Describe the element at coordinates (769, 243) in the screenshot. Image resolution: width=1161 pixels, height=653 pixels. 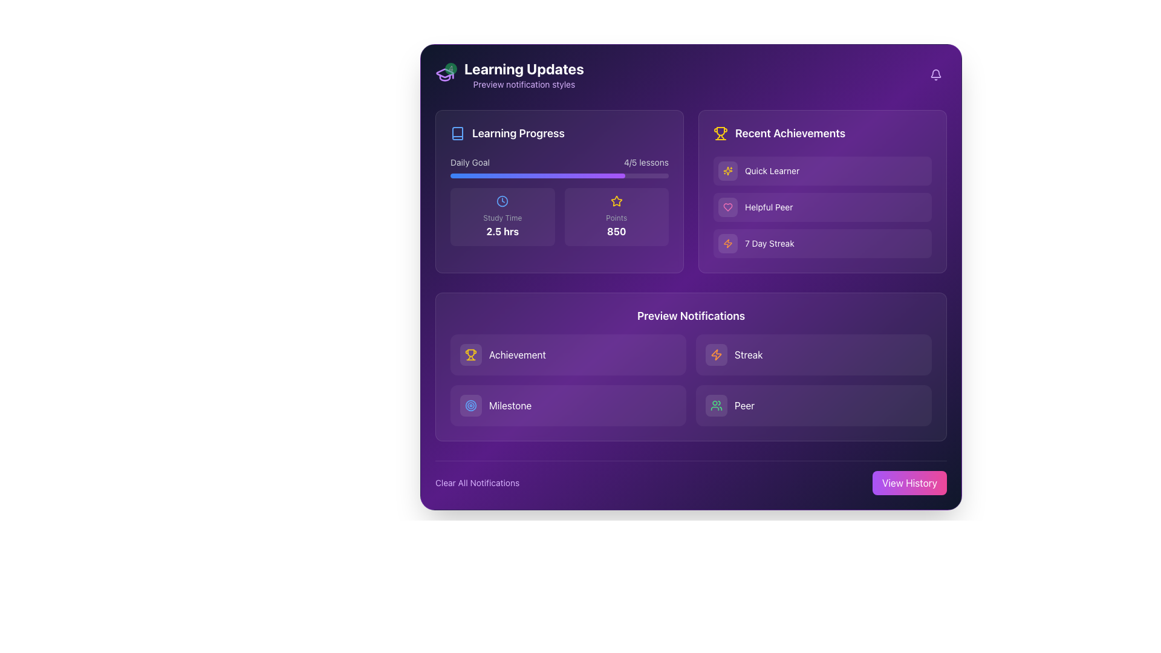
I see `the non-interactive Text display indicating a user's streak achievement of seven days located in the 'Recent Achievements' section, which is the last item in its group` at that location.